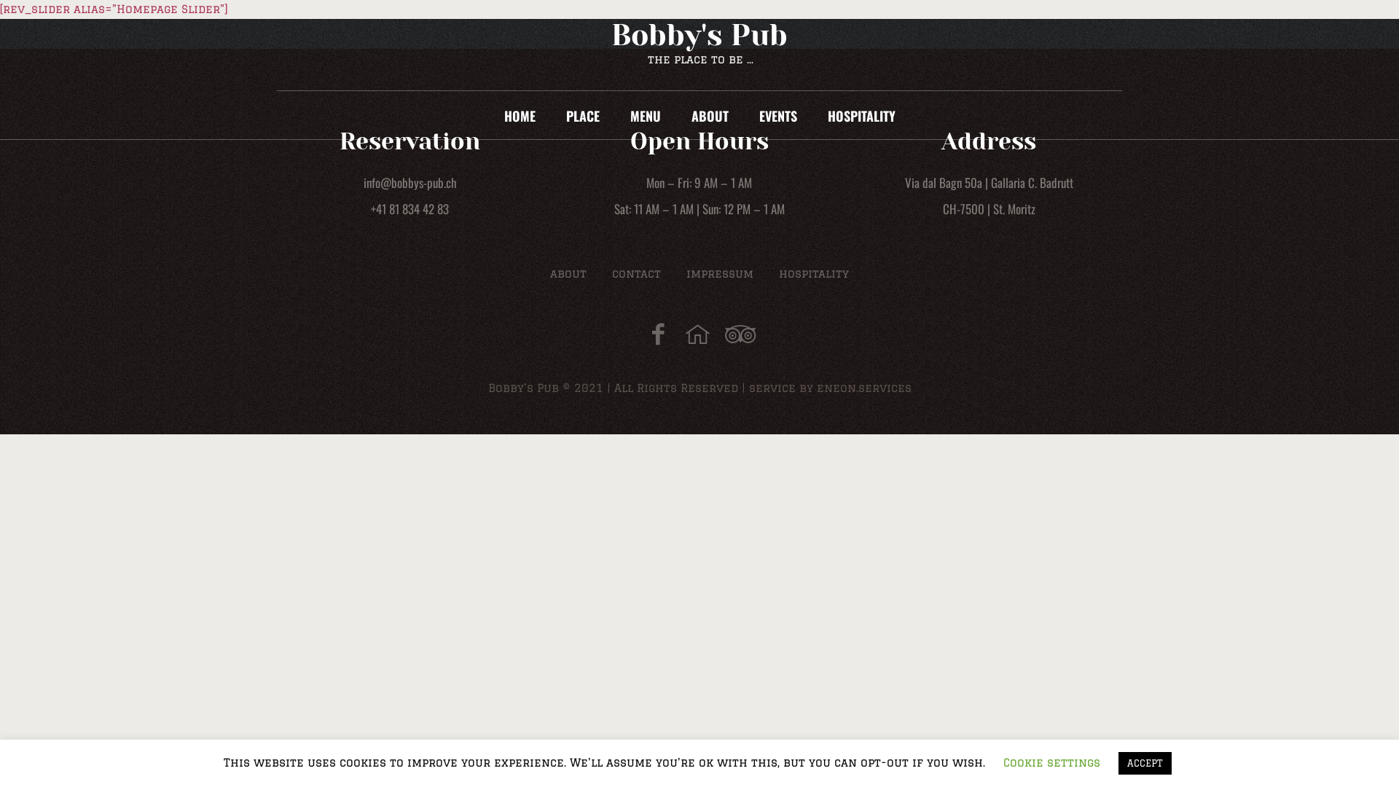 The height and width of the screenshot is (787, 1399). What do you see at coordinates (1003, 761) in the screenshot?
I see `'Cookie settings'` at bounding box center [1003, 761].